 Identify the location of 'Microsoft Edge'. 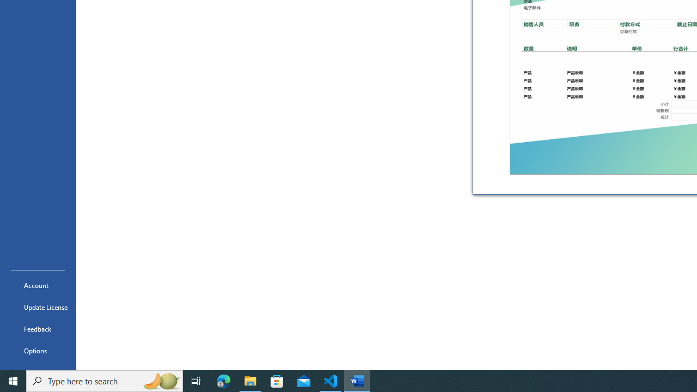
(223, 380).